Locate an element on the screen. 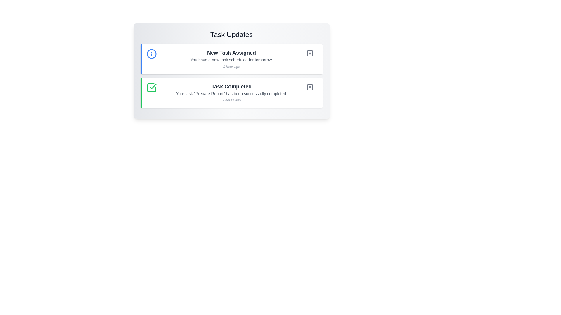  the circular information icon with a blue border and white background, featuring an 'i' symbol, located in the top-left corner of the 'New Task Assigned' notification card is located at coordinates (154, 59).